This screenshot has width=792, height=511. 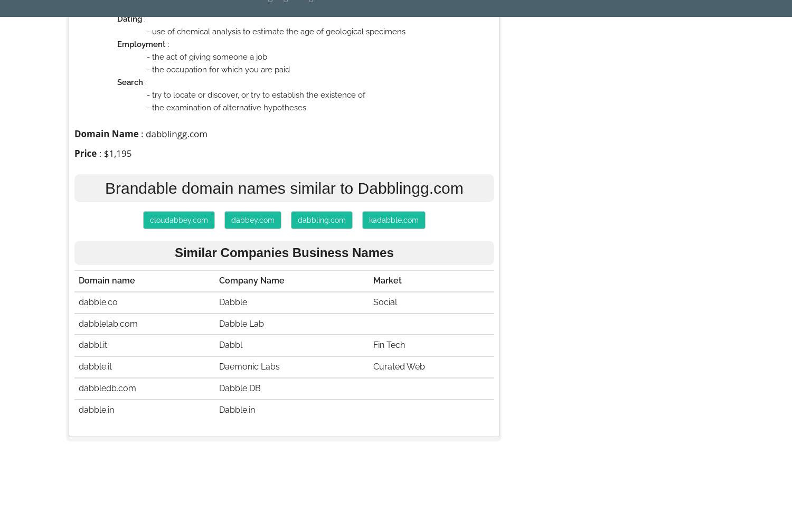 What do you see at coordinates (98, 301) in the screenshot?
I see `'dabble.co'` at bounding box center [98, 301].